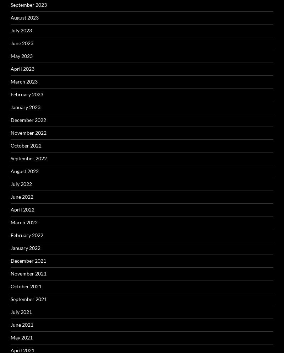 The image size is (284, 353). I want to click on 'June 2022', so click(22, 196).